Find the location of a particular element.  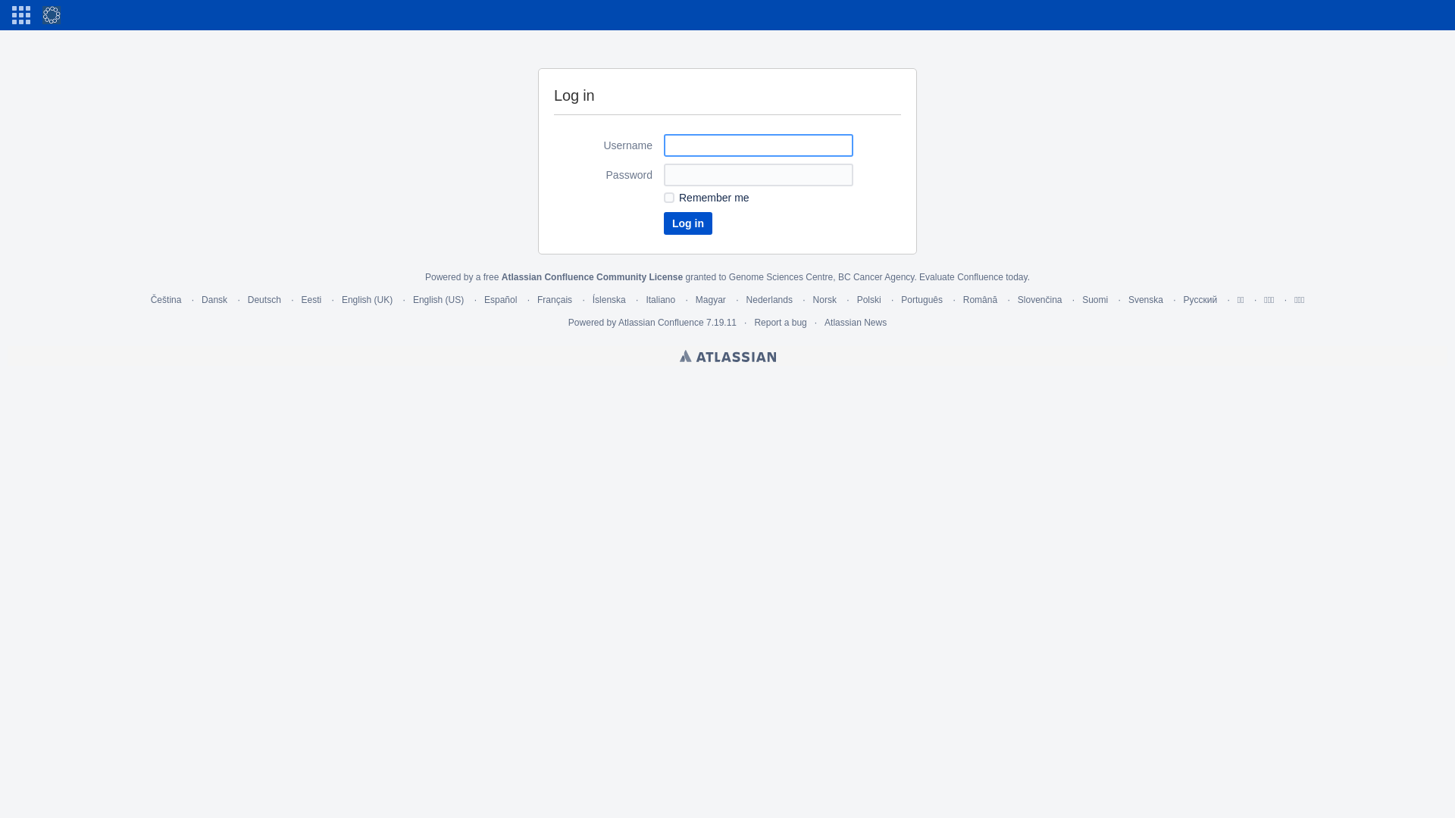

'Linked Applications' is located at coordinates (21, 14).